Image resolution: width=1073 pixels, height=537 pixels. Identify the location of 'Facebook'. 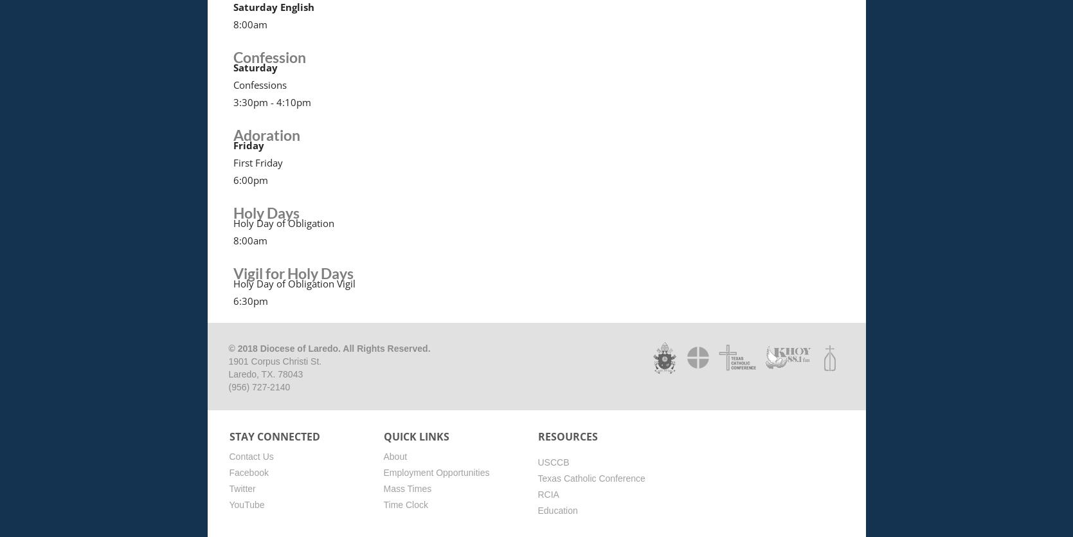
(248, 471).